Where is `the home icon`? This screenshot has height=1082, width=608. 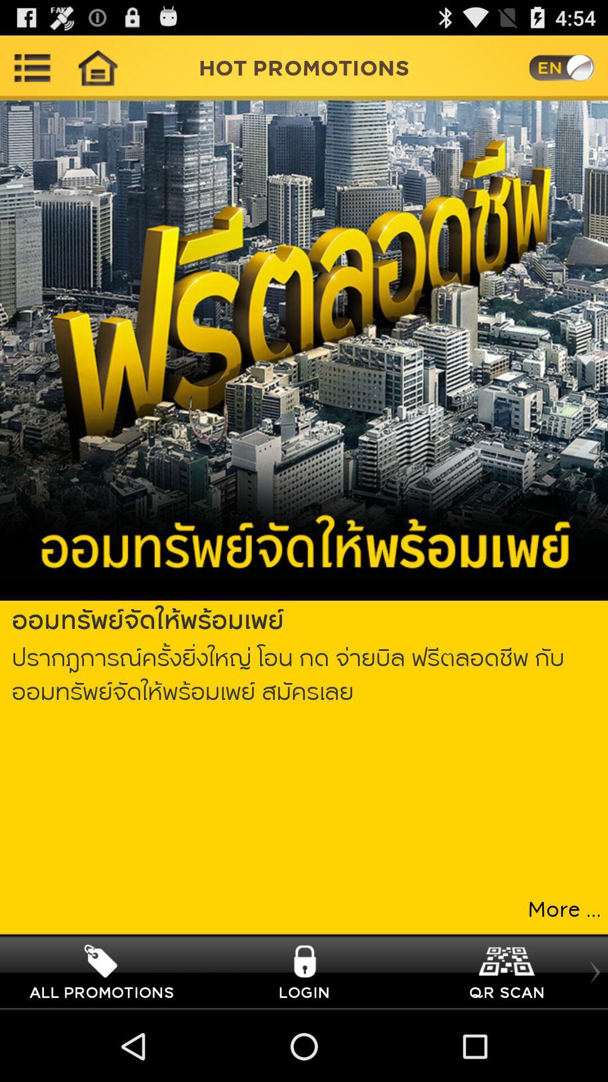
the home icon is located at coordinates (97, 72).